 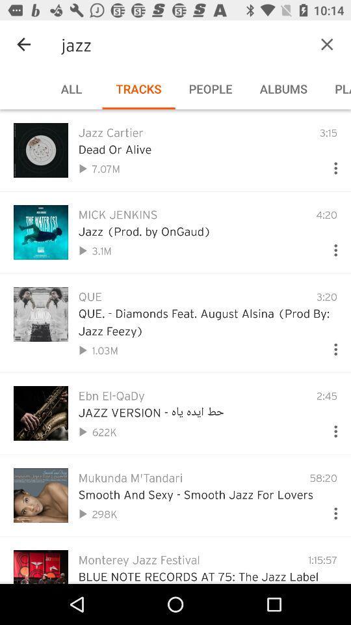 What do you see at coordinates (326, 44) in the screenshot?
I see `exit play list` at bounding box center [326, 44].